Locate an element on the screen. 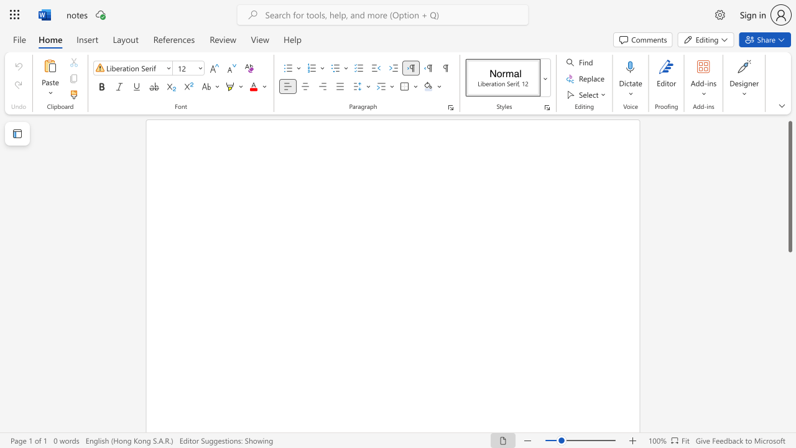  the scrollbar and move up 10 pixels is located at coordinates (789, 187).